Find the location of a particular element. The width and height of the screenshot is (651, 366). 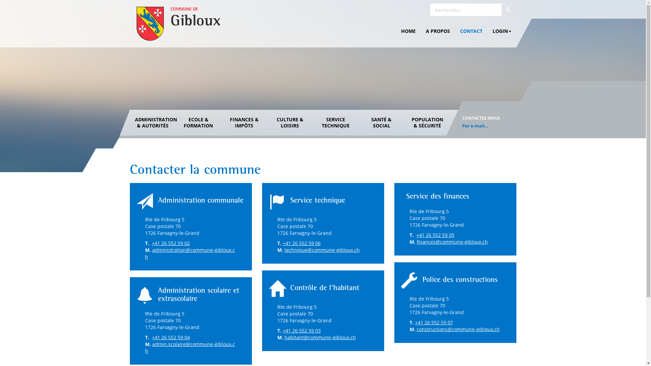

'HOME' is located at coordinates (408, 31).